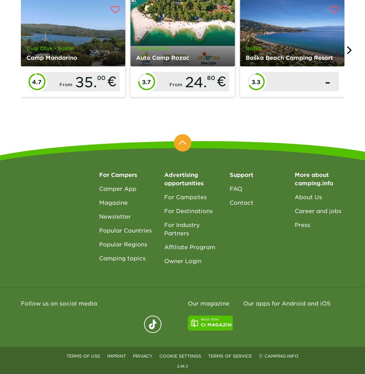 This screenshot has height=374, width=365. I want to click on '-', so click(327, 81).